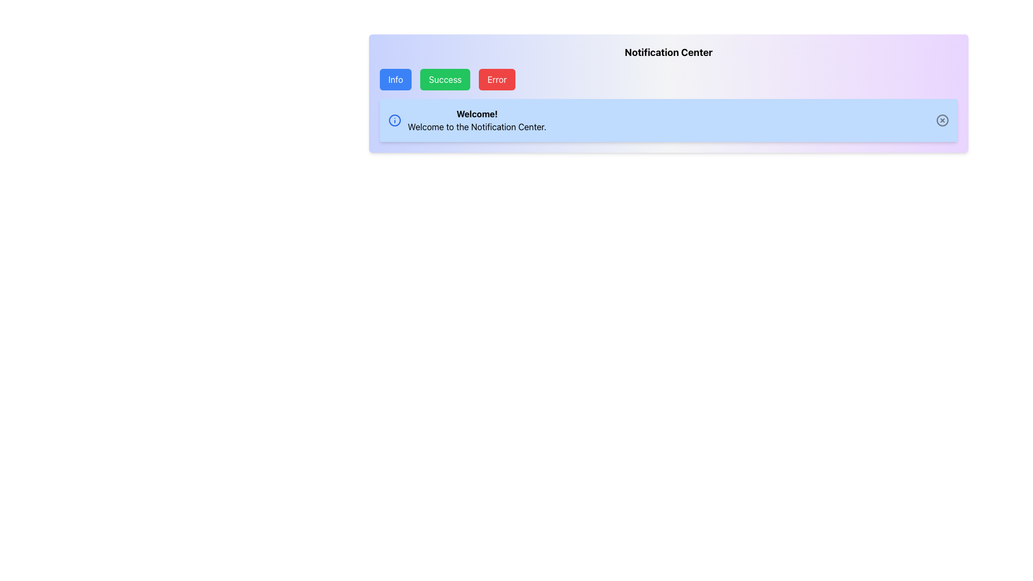 Image resolution: width=1033 pixels, height=581 pixels. I want to click on the informational icon located to the left of the text label 'Welcome! Welcome to the Notification Center.', so click(394, 120).